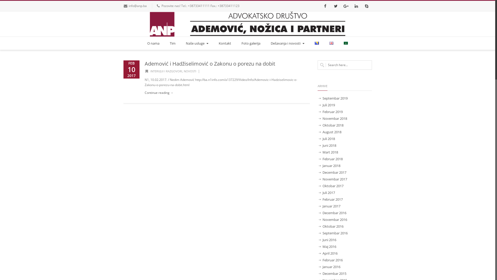  I want to click on 'Novembar 2018', so click(318, 118).